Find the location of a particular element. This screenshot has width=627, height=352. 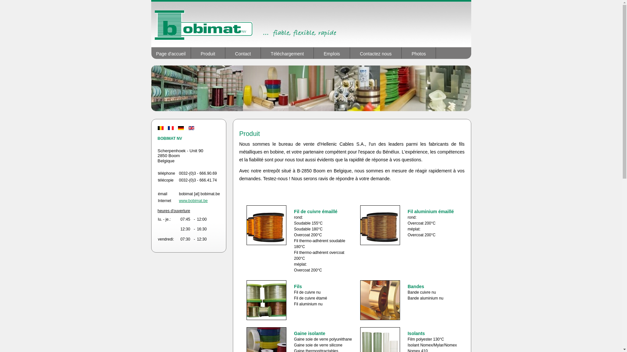

'Photos' is located at coordinates (419, 52).